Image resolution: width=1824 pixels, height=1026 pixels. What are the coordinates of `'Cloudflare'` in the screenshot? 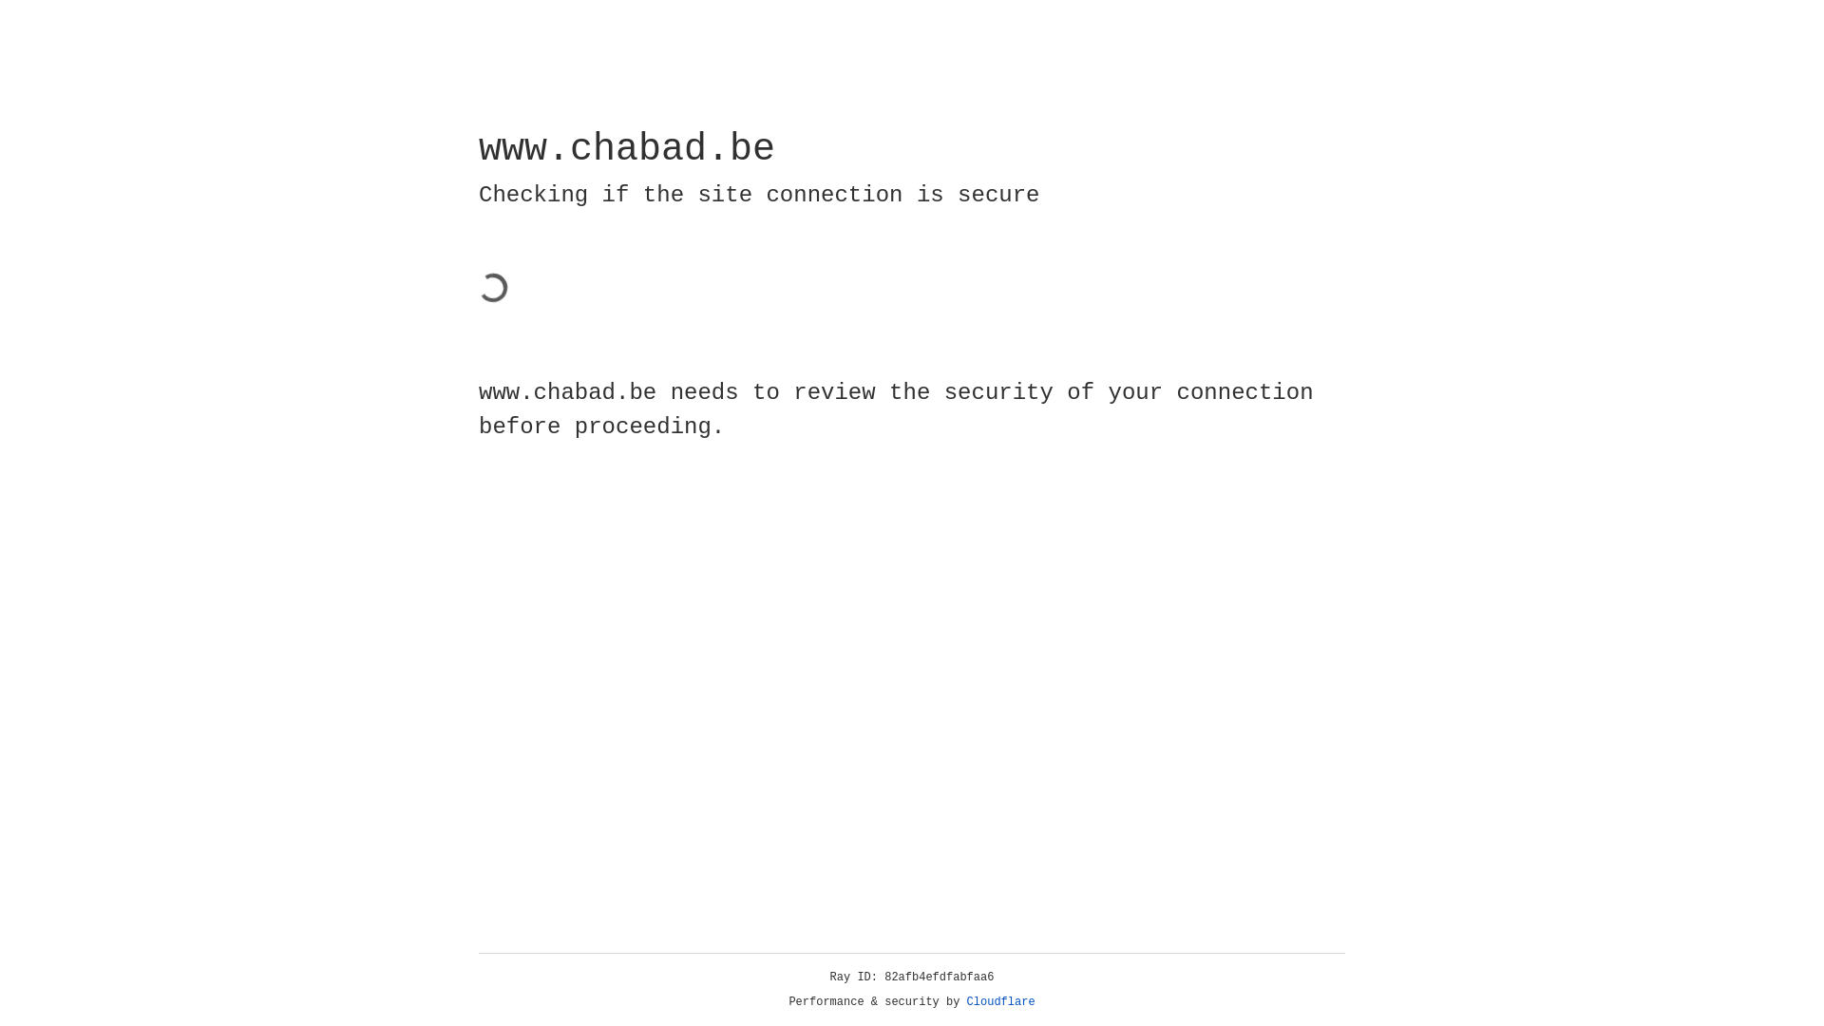 It's located at (1000, 1001).